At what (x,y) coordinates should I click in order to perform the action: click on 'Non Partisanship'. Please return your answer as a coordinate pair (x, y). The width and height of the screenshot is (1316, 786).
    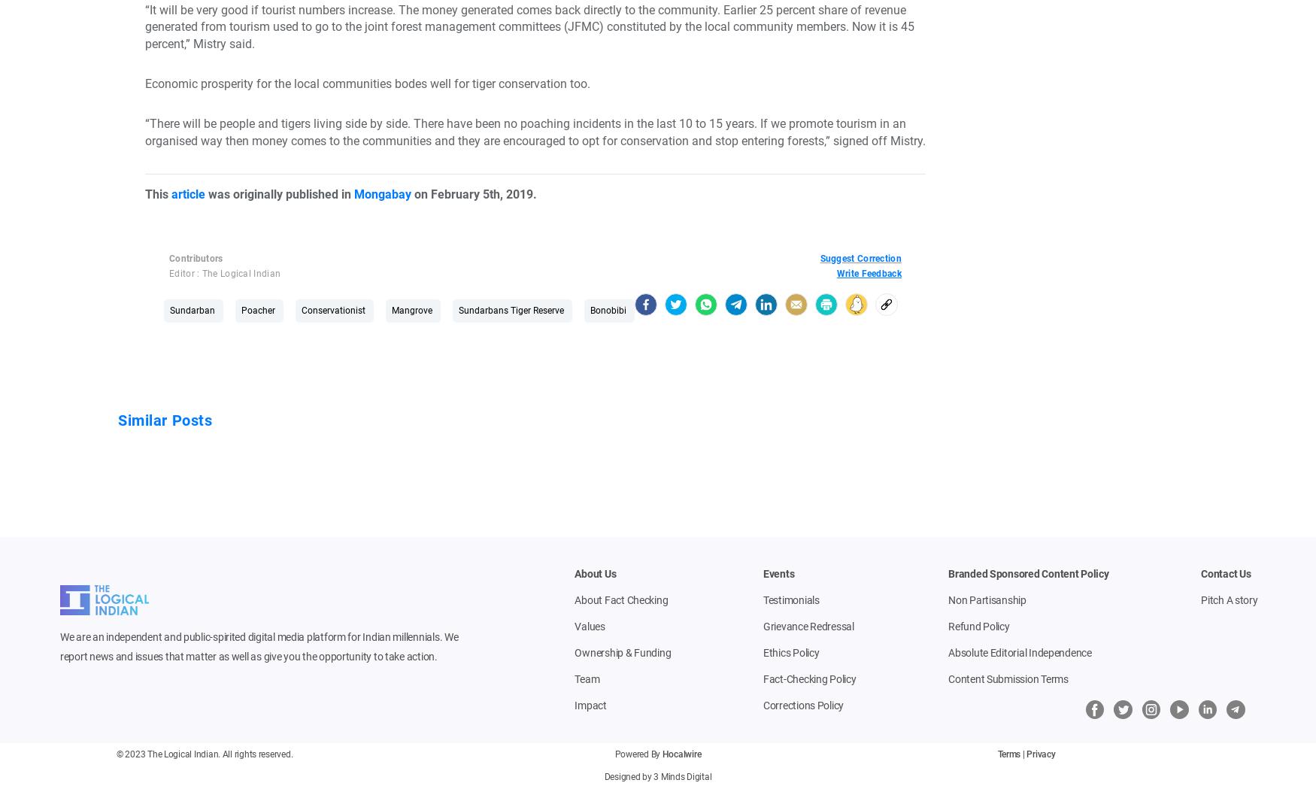
    Looking at the image, I should click on (986, 599).